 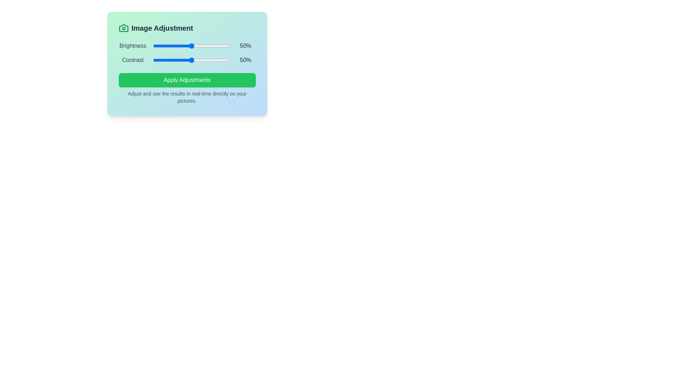 I want to click on the brightness slider to 96%, so click(x=226, y=46).